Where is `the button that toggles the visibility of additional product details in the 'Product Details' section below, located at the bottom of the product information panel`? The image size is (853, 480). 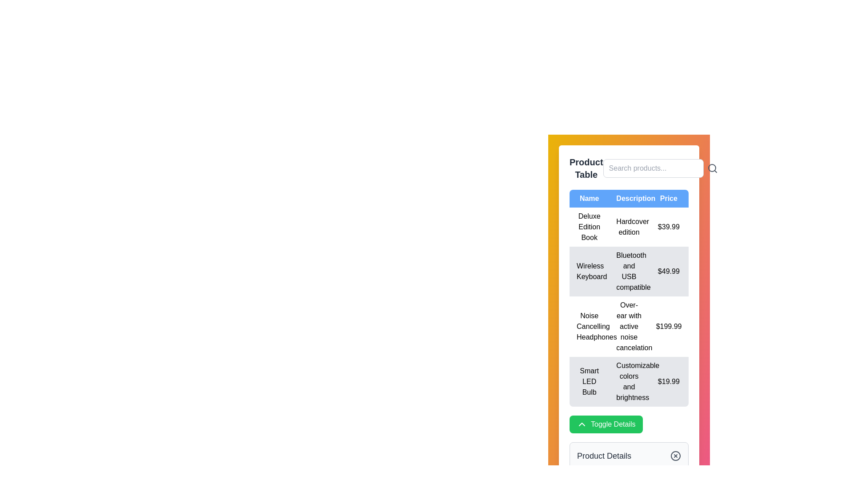 the button that toggles the visibility of additional product details in the 'Product Details' section below, located at the bottom of the product information panel is located at coordinates (606, 424).